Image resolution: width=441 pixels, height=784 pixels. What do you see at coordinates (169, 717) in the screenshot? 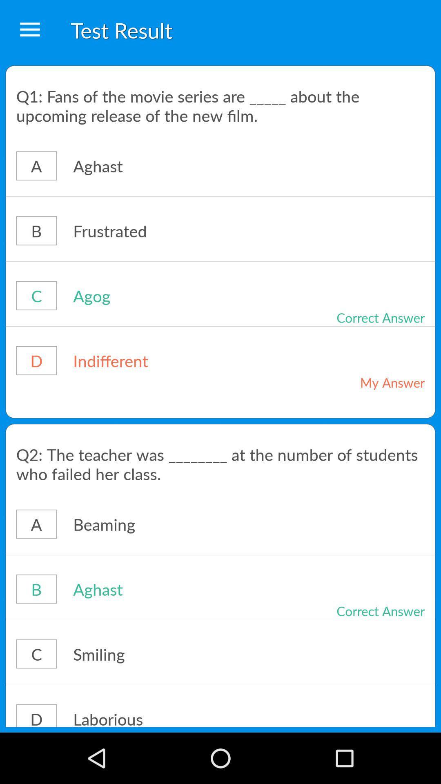
I see `item next to d` at bounding box center [169, 717].